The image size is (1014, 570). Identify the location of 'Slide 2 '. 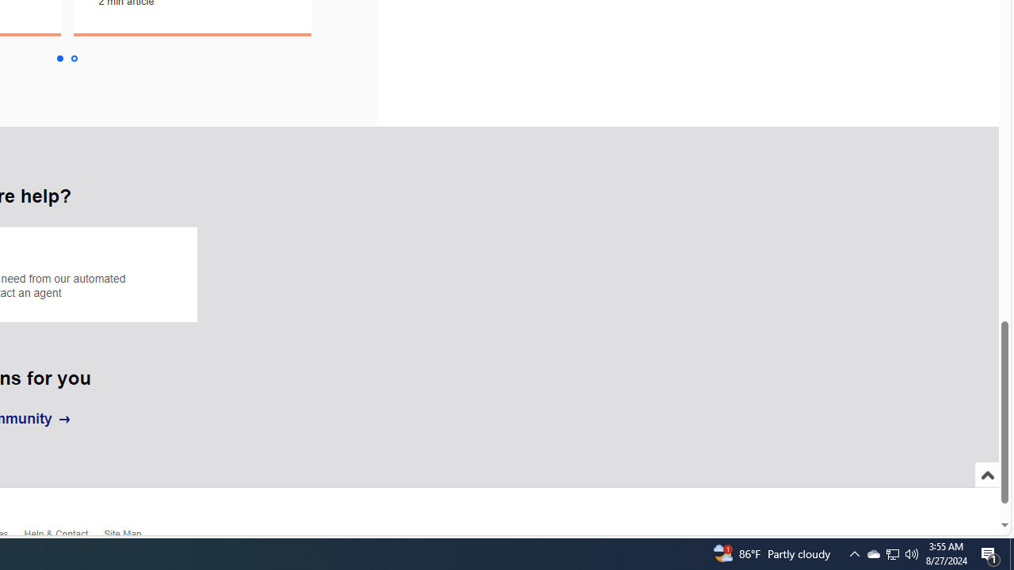
(74, 58).